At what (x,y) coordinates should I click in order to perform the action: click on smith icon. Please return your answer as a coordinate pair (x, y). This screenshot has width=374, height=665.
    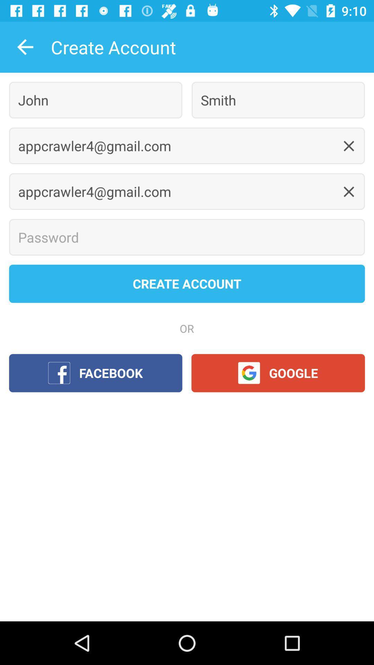
    Looking at the image, I should click on (278, 100).